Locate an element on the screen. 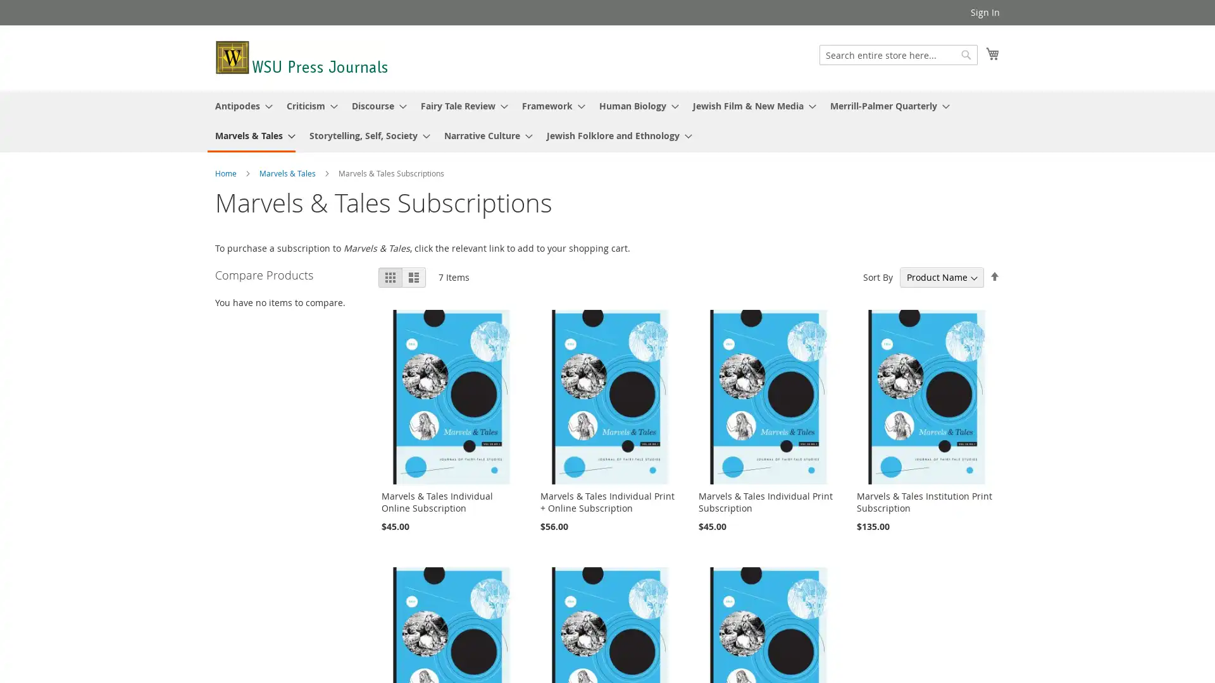 The image size is (1215, 683). Add to Cart is located at coordinates (247, 551).